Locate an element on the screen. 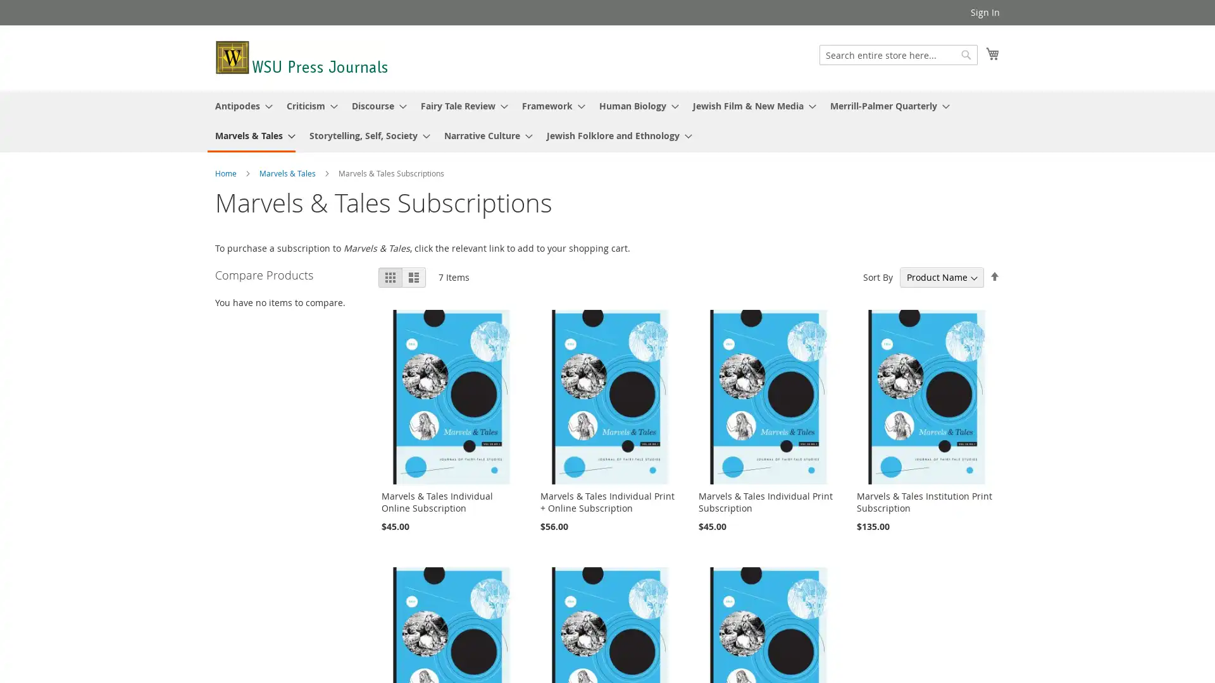 The image size is (1215, 683). Add to Cart is located at coordinates (247, 551).